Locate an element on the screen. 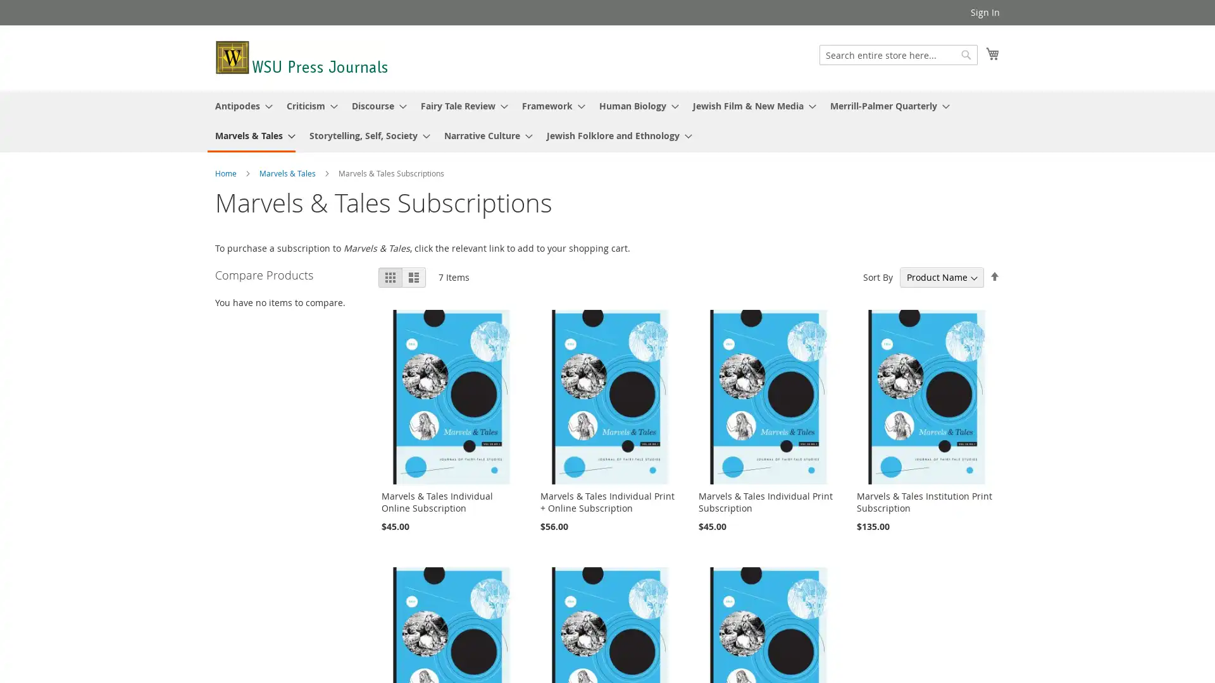 The image size is (1215, 683). Add to Cart is located at coordinates (247, 551).